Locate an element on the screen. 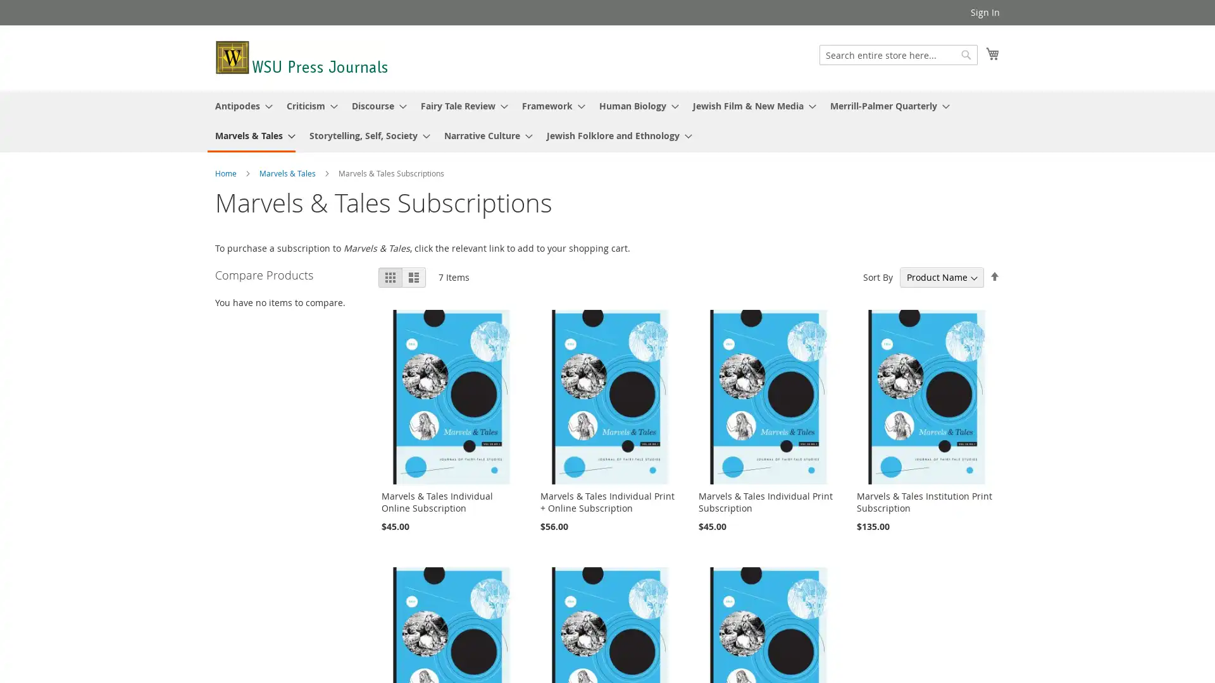 The image size is (1215, 683). Add to Cart is located at coordinates (247, 551).